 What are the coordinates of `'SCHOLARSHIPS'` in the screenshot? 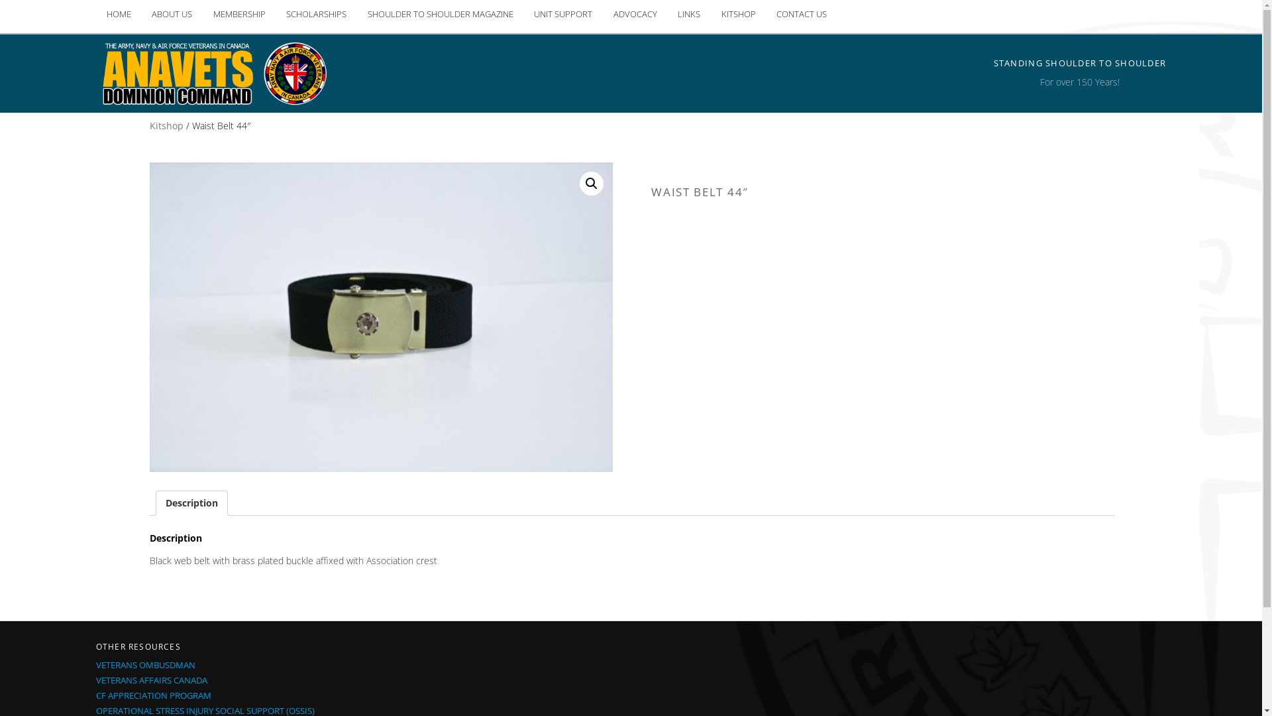 It's located at (315, 14).